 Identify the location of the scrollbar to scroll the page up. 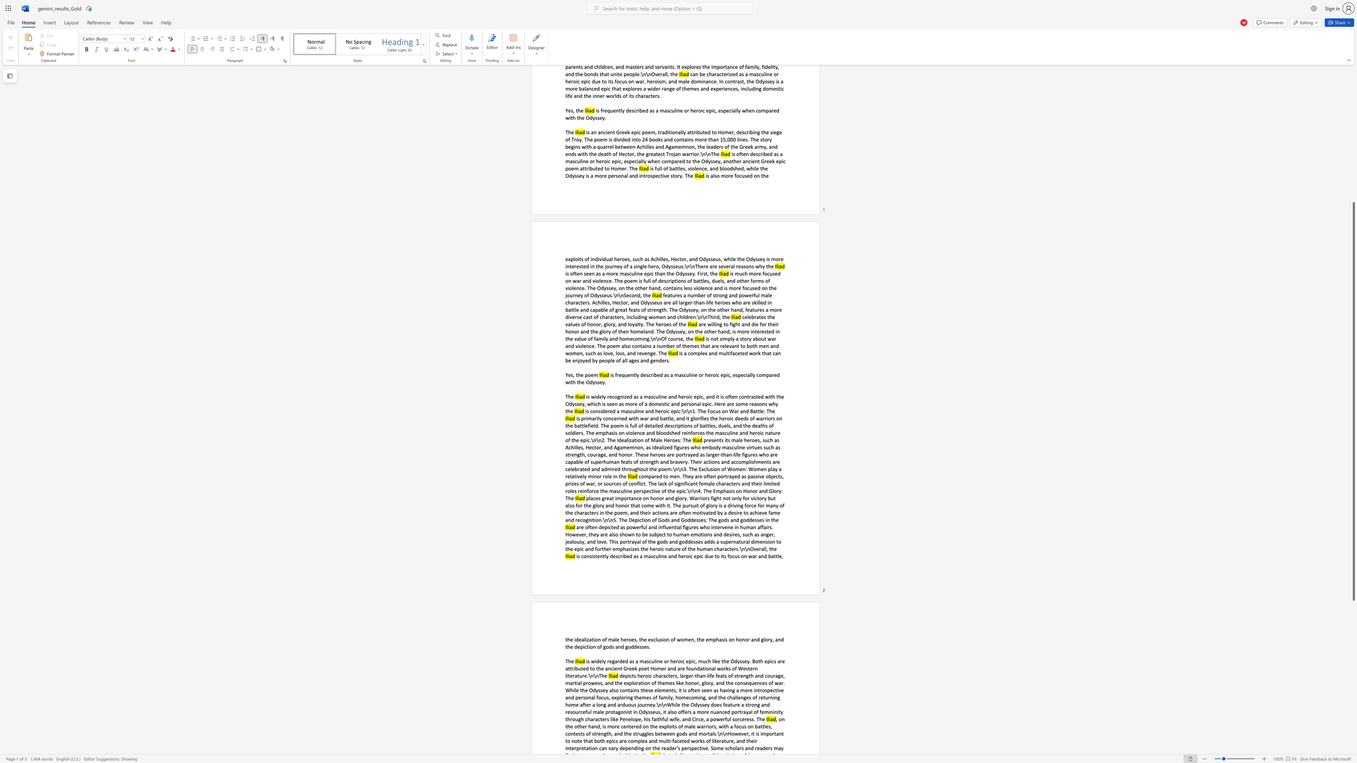
(1353, 134).